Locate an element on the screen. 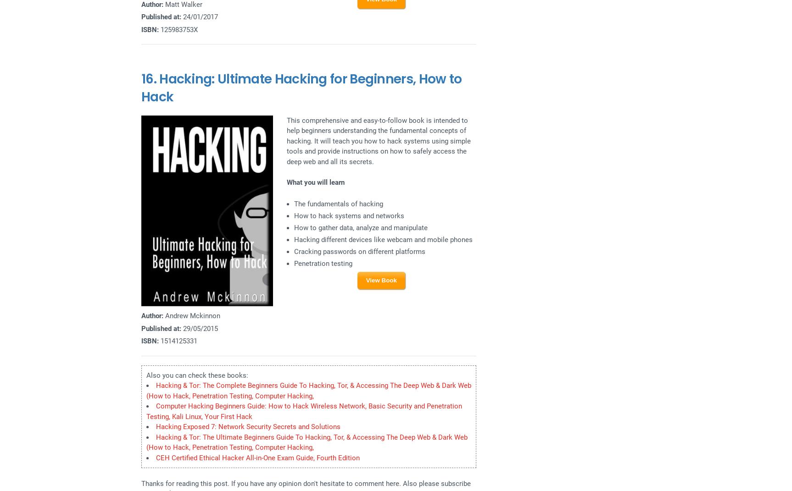 This screenshot has height=491, width=792. 'Andrew Mckinnon' is located at coordinates (163, 315).